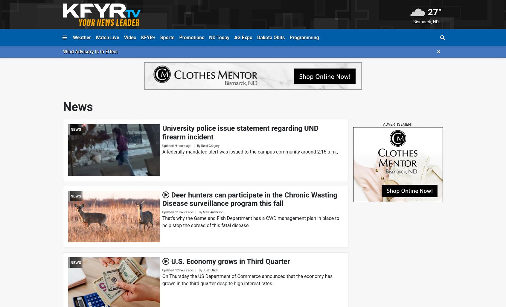 This screenshot has width=506, height=307. I want to click on 'News', so click(63, 107).